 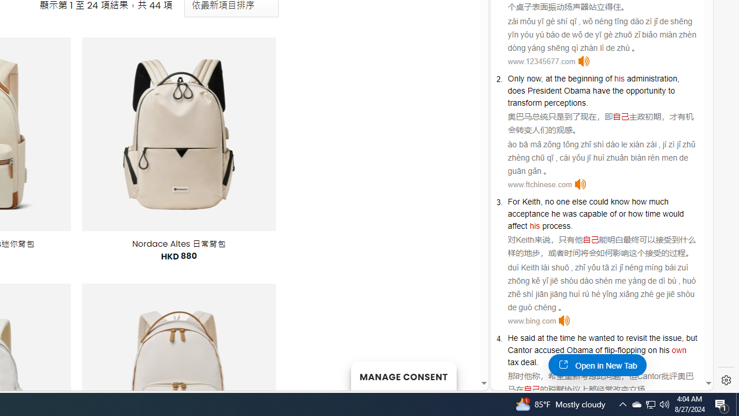 What do you see at coordinates (539, 184) in the screenshot?
I see `'www.ftchinese.com'` at bounding box center [539, 184].